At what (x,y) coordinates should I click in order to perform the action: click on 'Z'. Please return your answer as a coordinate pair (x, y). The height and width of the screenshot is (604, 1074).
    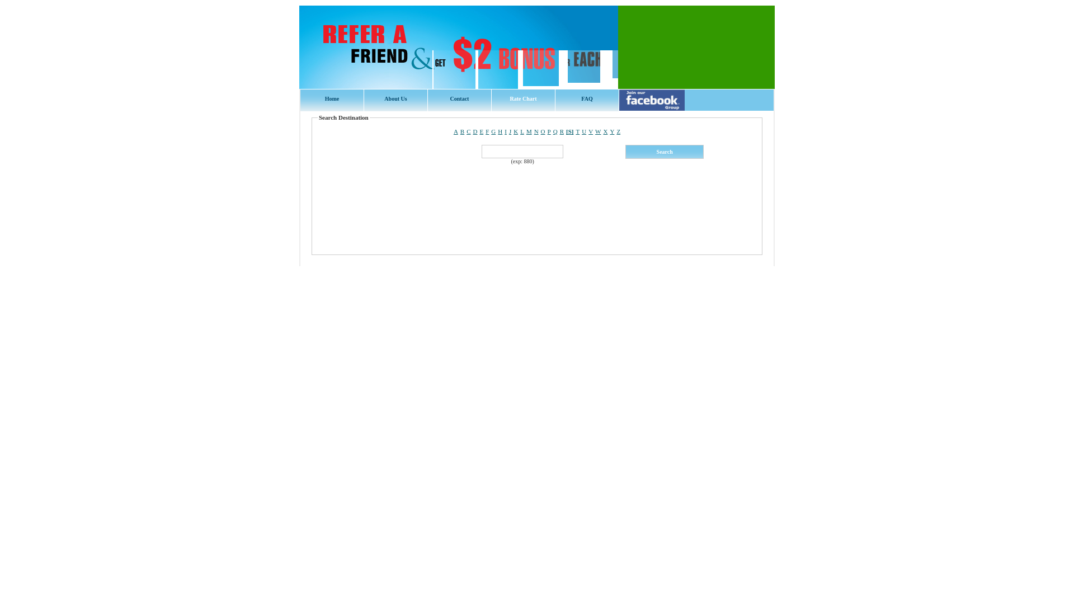
    Looking at the image, I should click on (618, 131).